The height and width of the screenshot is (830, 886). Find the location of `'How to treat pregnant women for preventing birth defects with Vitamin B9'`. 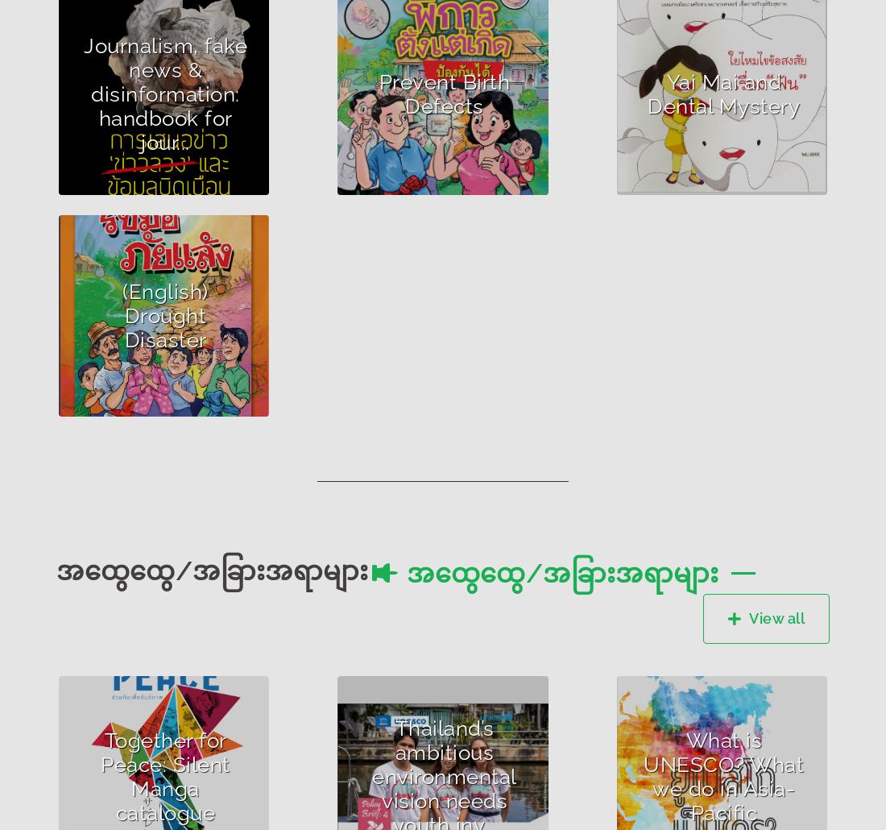

'How to treat pregnant women for preventing birth defects with Vitamin B9' is located at coordinates (439, 122).